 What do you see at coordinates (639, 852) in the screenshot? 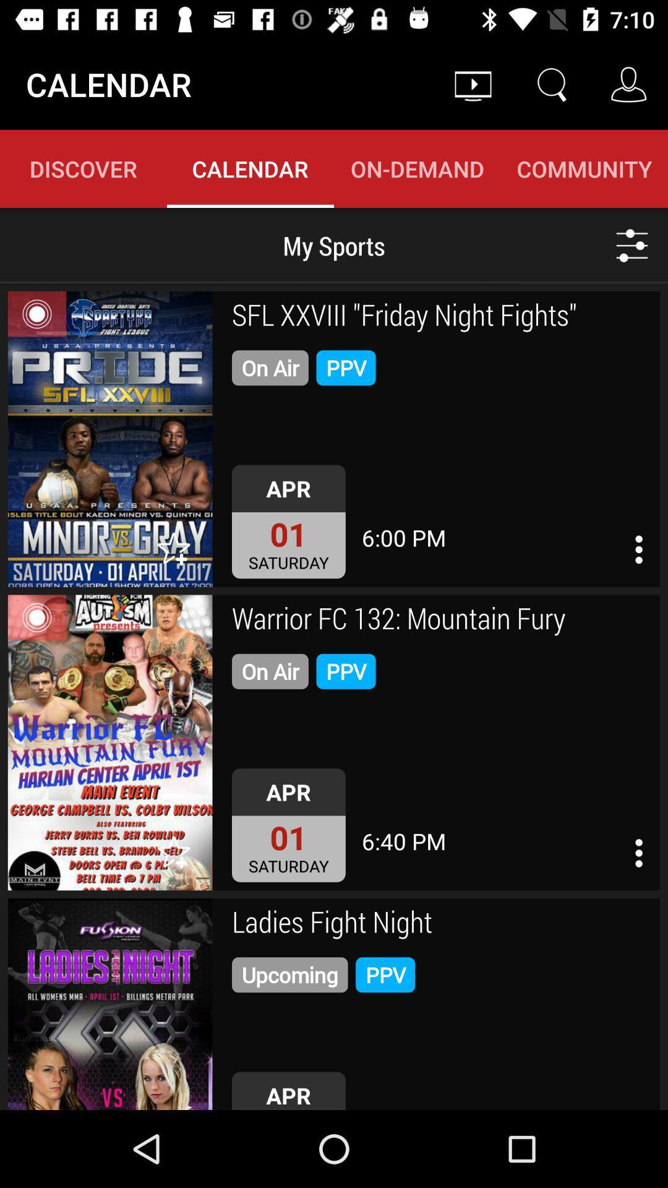
I see `more option` at bounding box center [639, 852].